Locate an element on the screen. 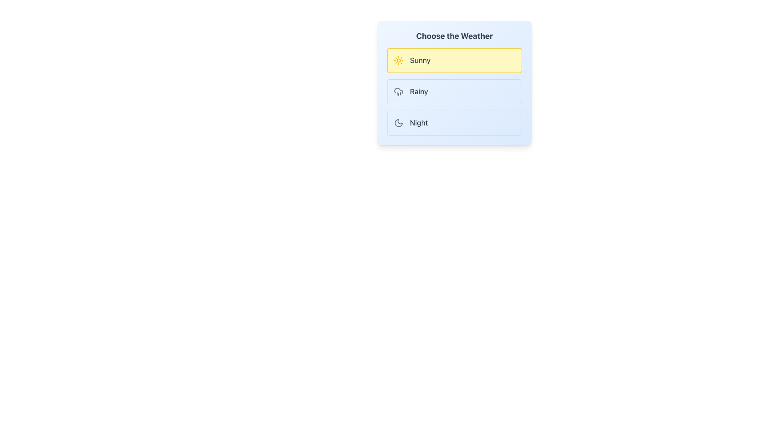 This screenshot has height=433, width=771. the vertical selection list containing options 'Sunny', 'Rainy', and 'Night' is located at coordinates (455, 91).